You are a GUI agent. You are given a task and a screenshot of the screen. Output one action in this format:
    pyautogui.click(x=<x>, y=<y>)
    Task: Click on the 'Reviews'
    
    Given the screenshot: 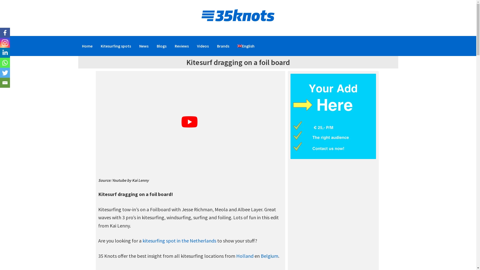 What is the action you would take?
    pyautogui.click(x=181, y=46)
    